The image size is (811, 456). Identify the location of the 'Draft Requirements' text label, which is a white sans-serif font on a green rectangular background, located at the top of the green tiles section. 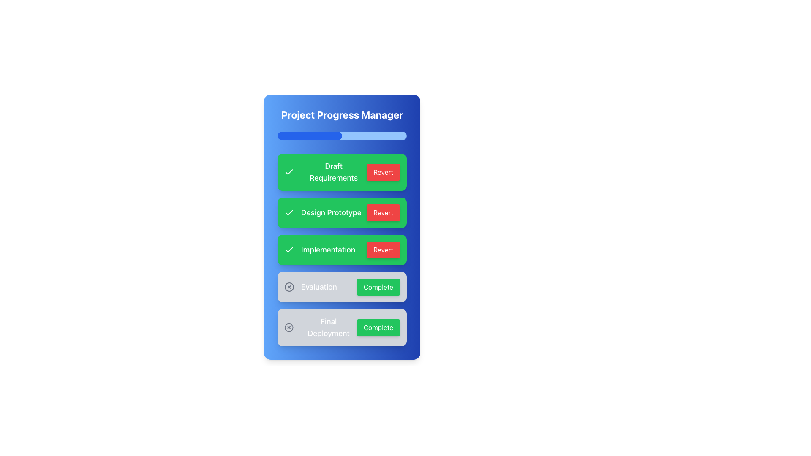
(325, 172).